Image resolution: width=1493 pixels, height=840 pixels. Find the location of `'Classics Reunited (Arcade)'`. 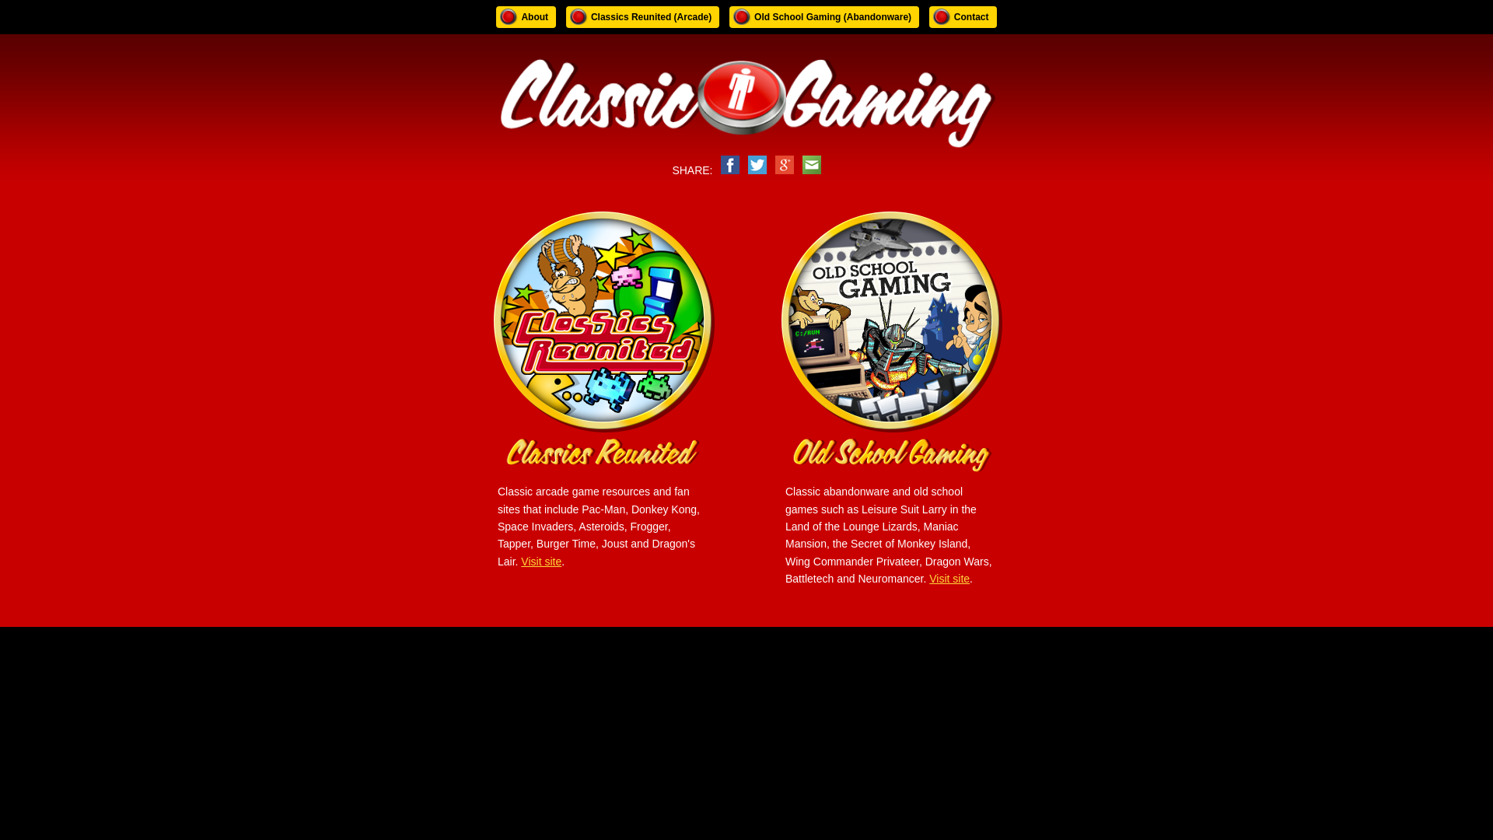

'Classics Reunited (Arcade)' is located at coordinates (642, 17).